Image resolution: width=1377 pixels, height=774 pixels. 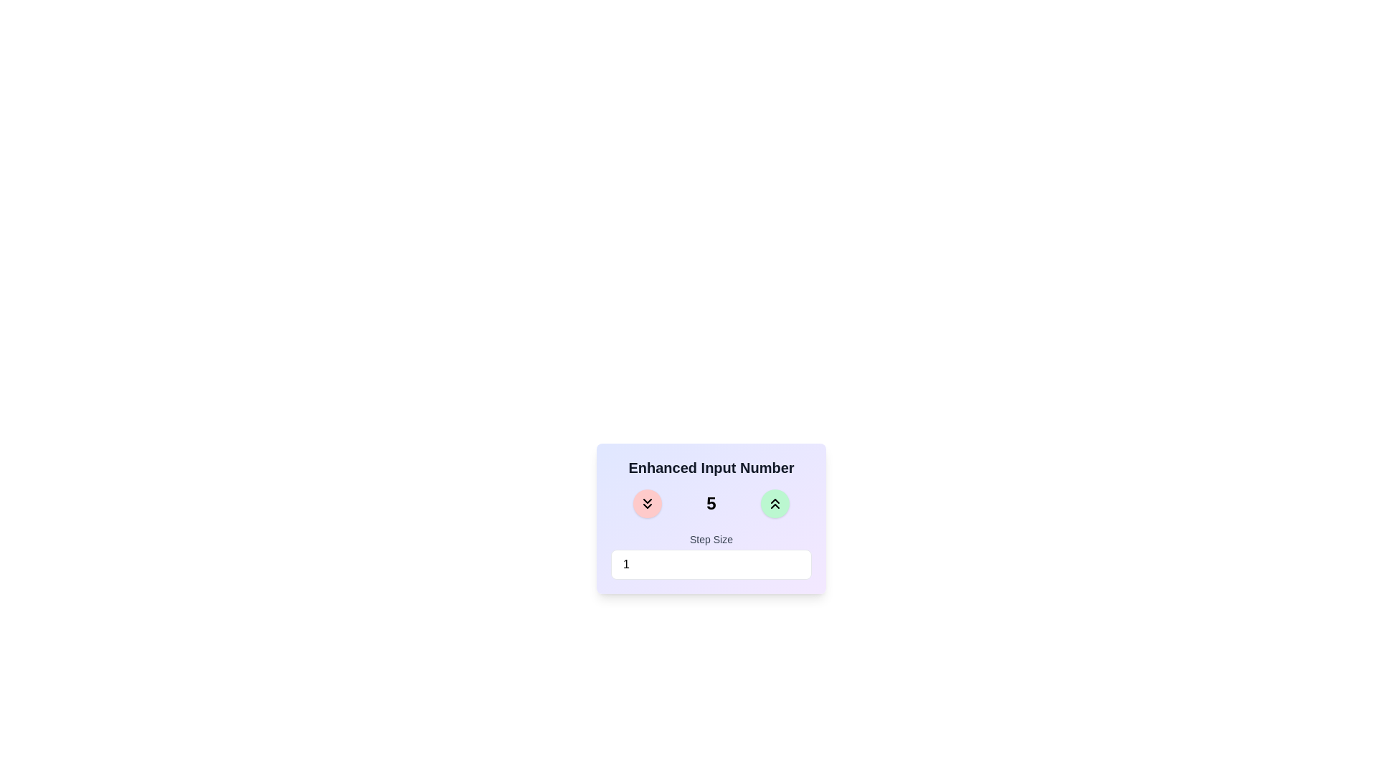 I want to click on the first button in the group of three interactive elements to the left of the central number display '5' to decrease the displayed value, so click(x=646, y=502).